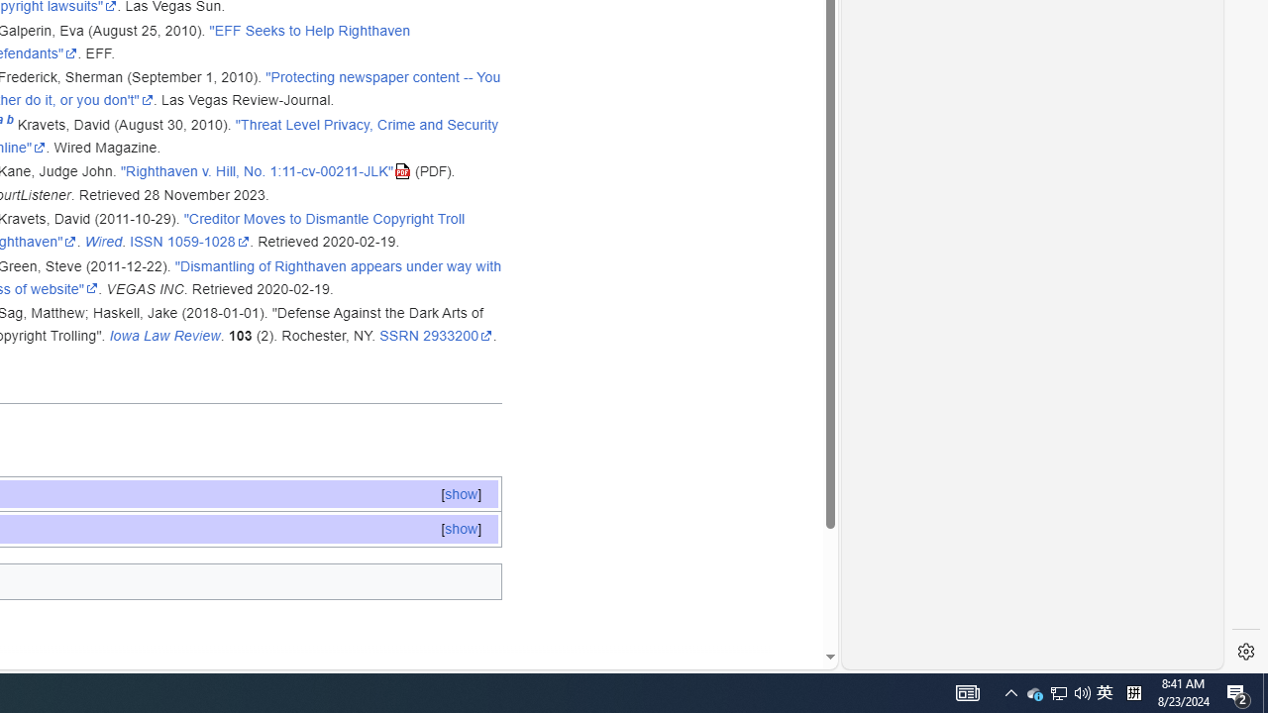 Image resolution: width=1268 pixels, height=713 pixels. Describe the element at coordinates (145, 241) in the screenshot. I see `'ISSN'` at that location.